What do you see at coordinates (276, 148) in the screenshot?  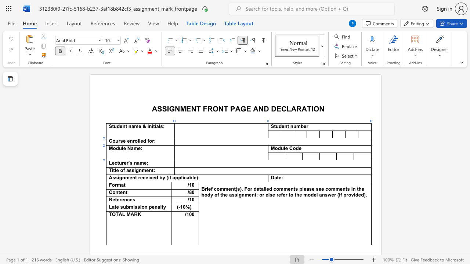 I see `the 1th character "o" in the text` at bounding box center [276, 148].